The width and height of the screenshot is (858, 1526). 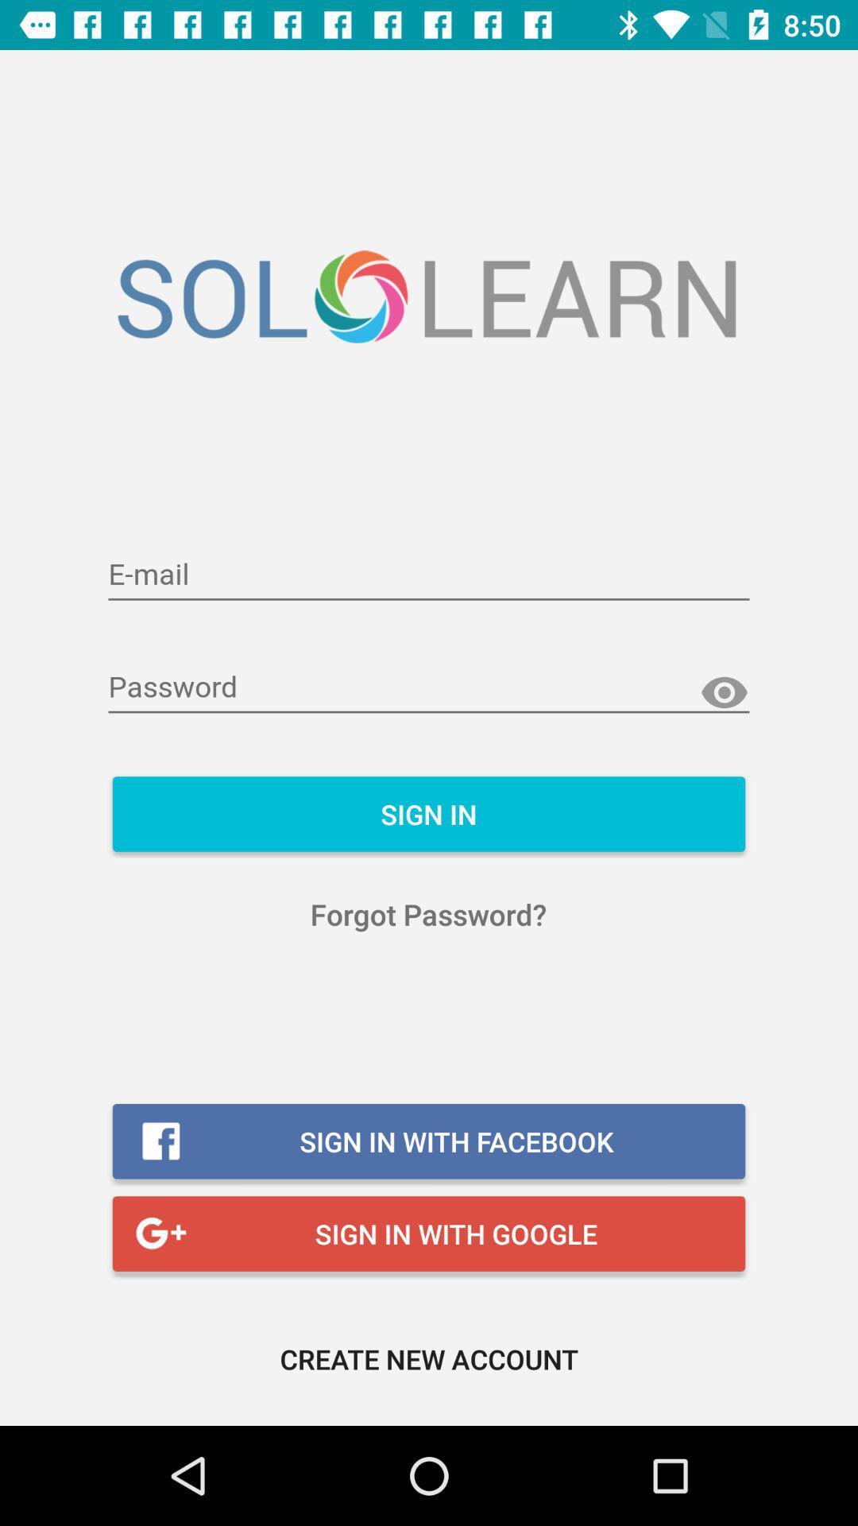 I want to click on write email, so click(x=429, y=575).